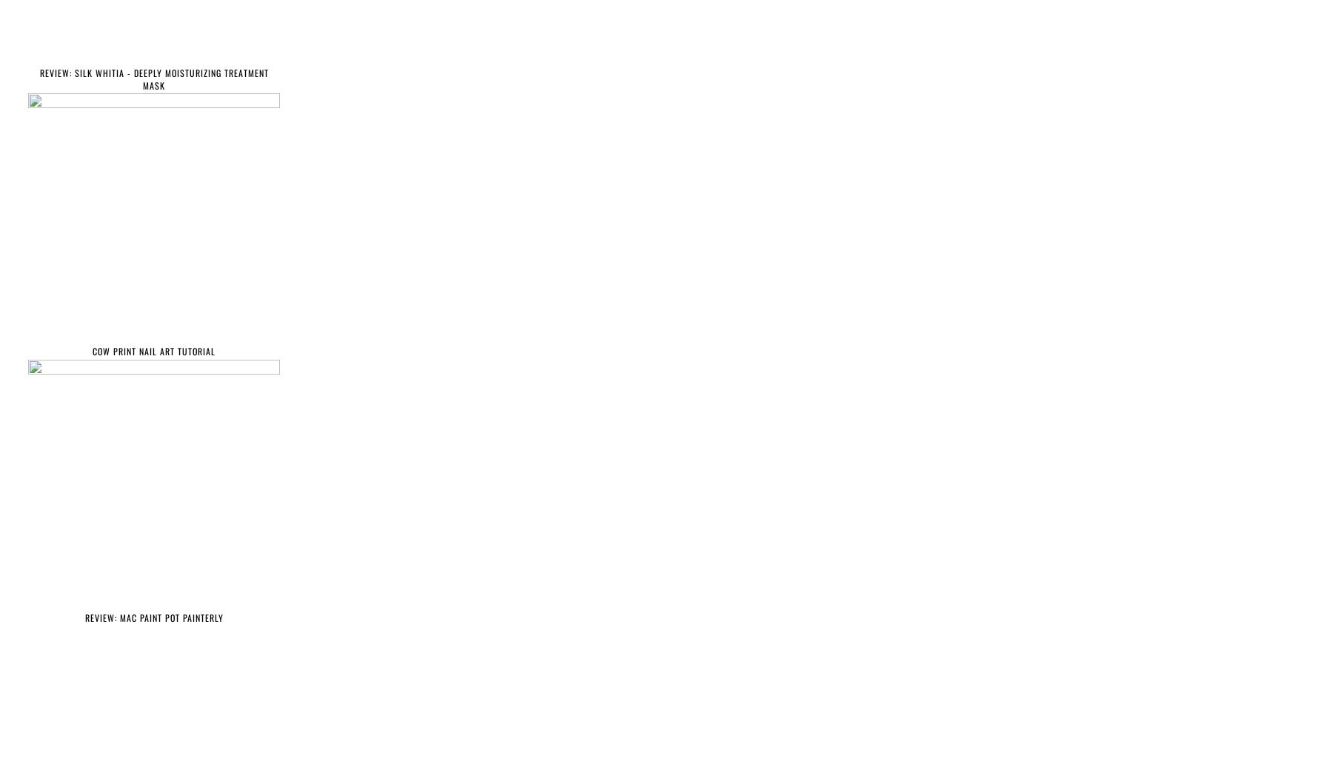 The height and width of the screenshot is (778, 1339). Describe the element at coordinates (153, 759) in the screenshot. I see `'MAKE UP REVIEWS'` at that location.